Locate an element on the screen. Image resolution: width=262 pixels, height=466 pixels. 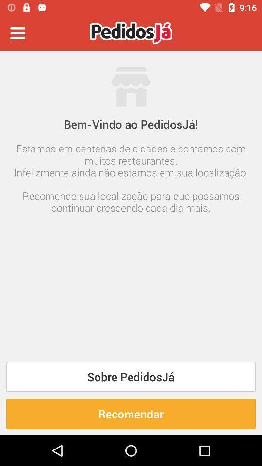
the icon above bem vindo ao is located at coordinates (131, 64).